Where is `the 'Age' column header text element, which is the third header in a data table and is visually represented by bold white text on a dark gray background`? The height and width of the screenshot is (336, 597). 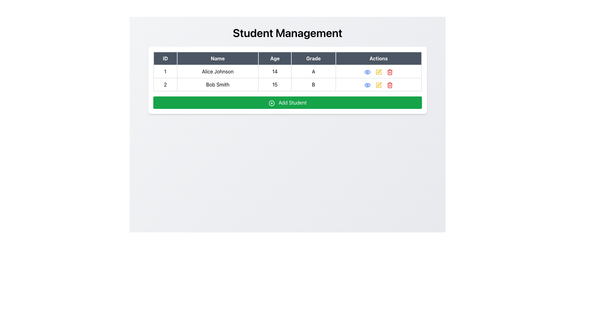 the 'Age' column header text element, which is the third header in a data table and is visually represented by bold white text on a dark gray background is located at coordinates (275, 58).